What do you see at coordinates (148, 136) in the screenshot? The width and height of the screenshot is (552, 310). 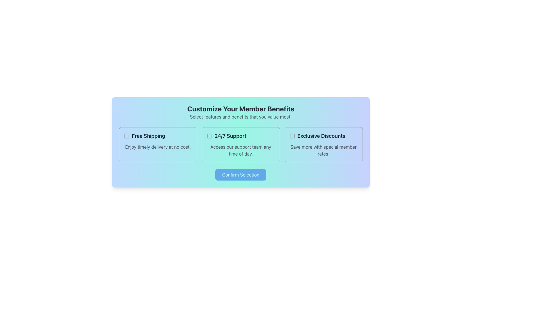 I see `the text label reading 'Free Shipping', which is styled in bold dark gray and located in the top-left section of a three-column layout, next to a checkbox icon` at bounding box center [148, 136].